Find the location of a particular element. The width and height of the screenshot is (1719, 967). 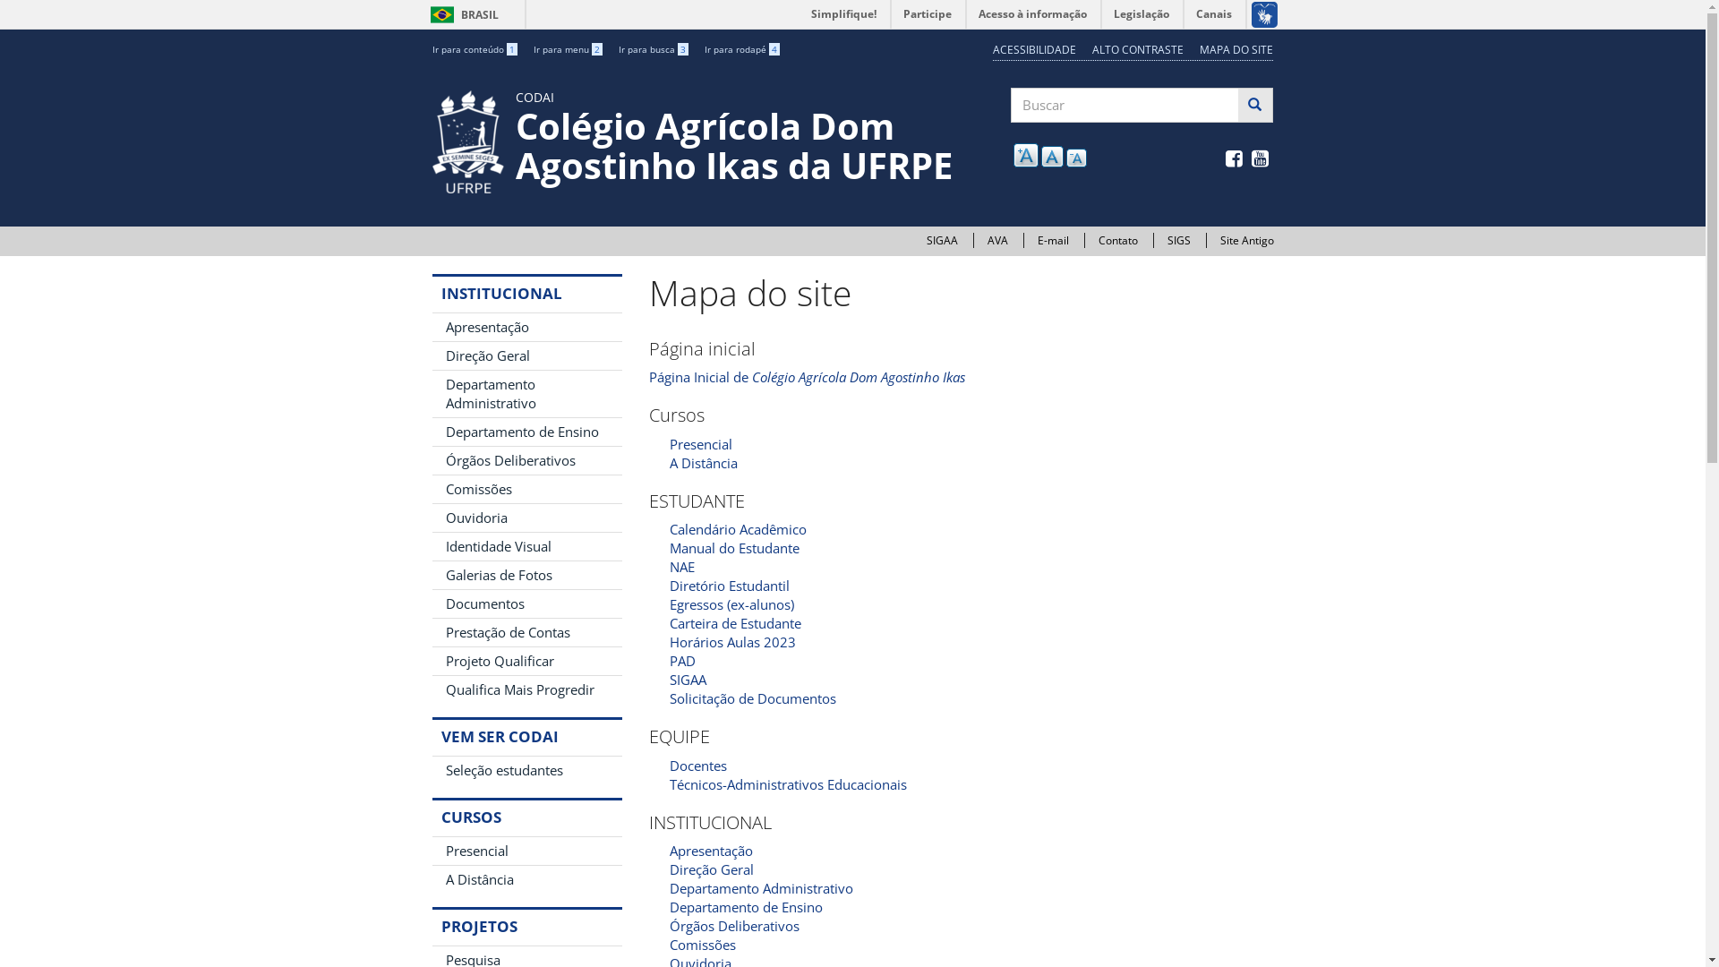

'MAPA DO SITE' is located at coordinates (1236, 48).